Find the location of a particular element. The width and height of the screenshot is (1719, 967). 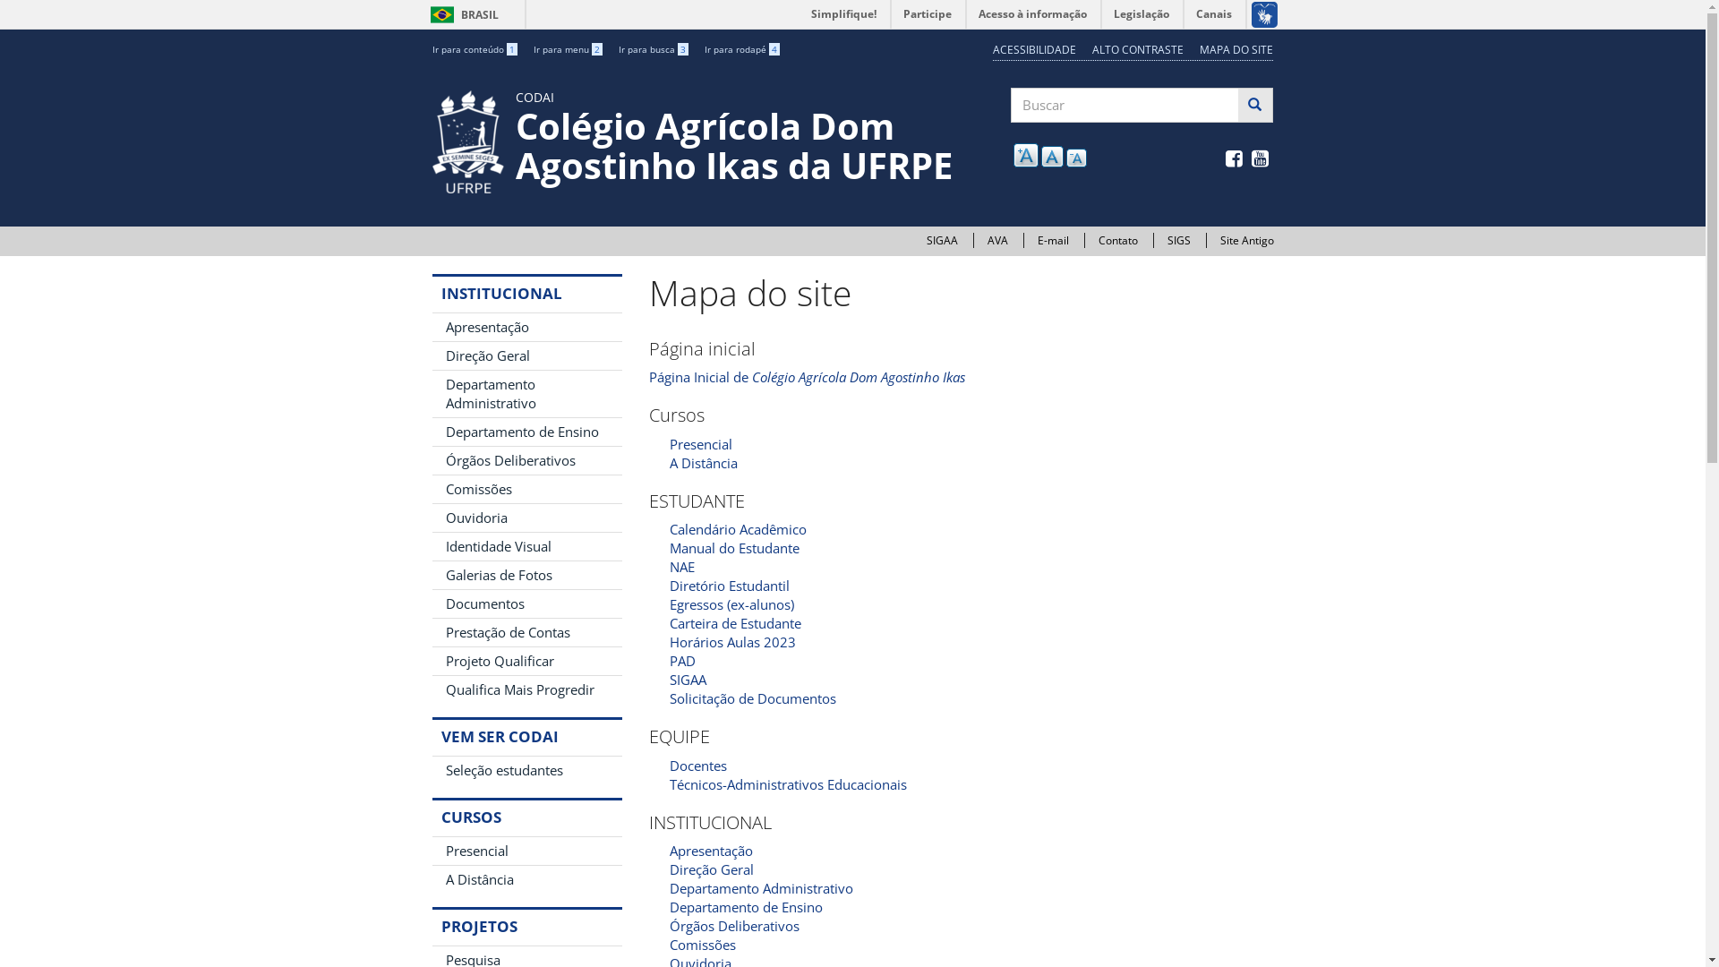

'MAPA DO SITE' is located at coordinates (1236, 48).